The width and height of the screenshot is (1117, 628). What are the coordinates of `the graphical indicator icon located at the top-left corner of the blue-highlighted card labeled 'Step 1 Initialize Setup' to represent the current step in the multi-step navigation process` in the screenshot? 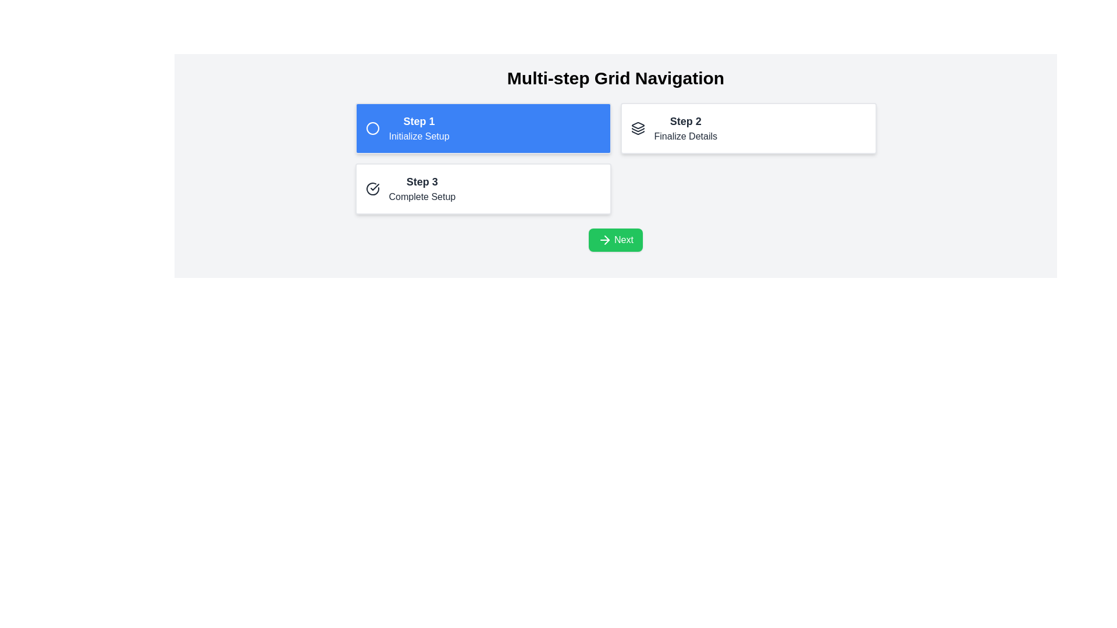 It's located at (372, 128).